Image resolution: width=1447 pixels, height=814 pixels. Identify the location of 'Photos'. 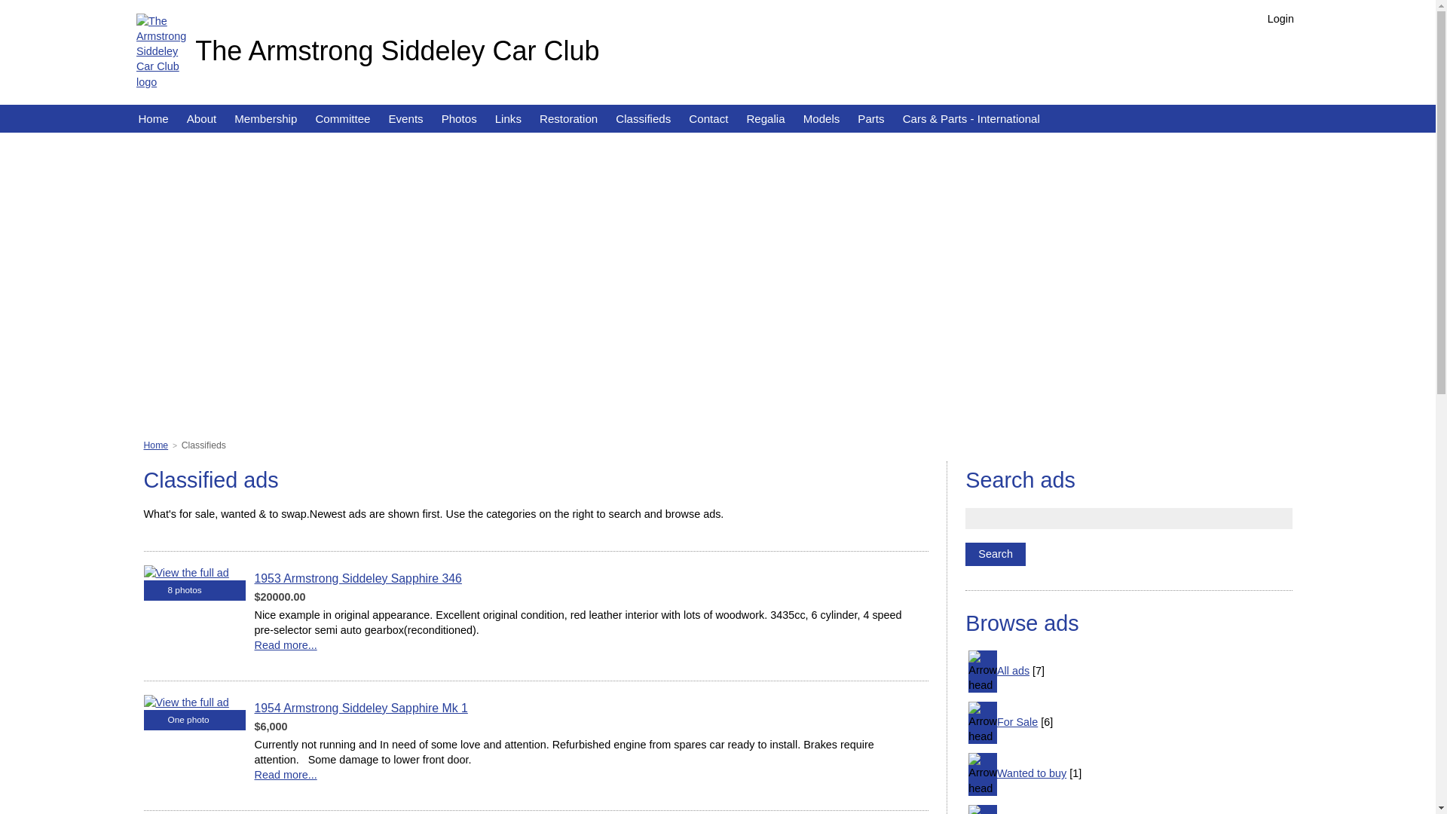
(458, 118).